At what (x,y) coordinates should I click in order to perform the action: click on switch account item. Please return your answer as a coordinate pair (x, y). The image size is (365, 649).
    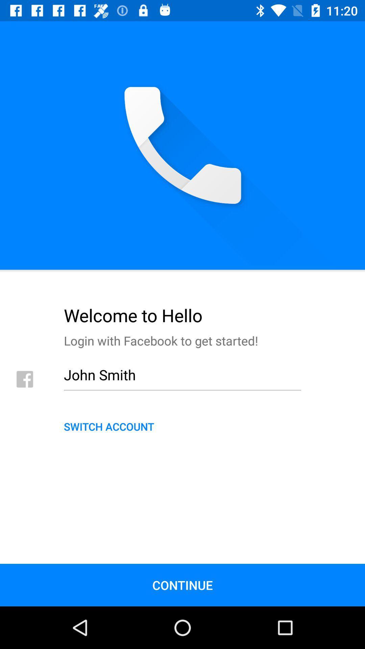
    Looking at the image, I should click on (182, 426).